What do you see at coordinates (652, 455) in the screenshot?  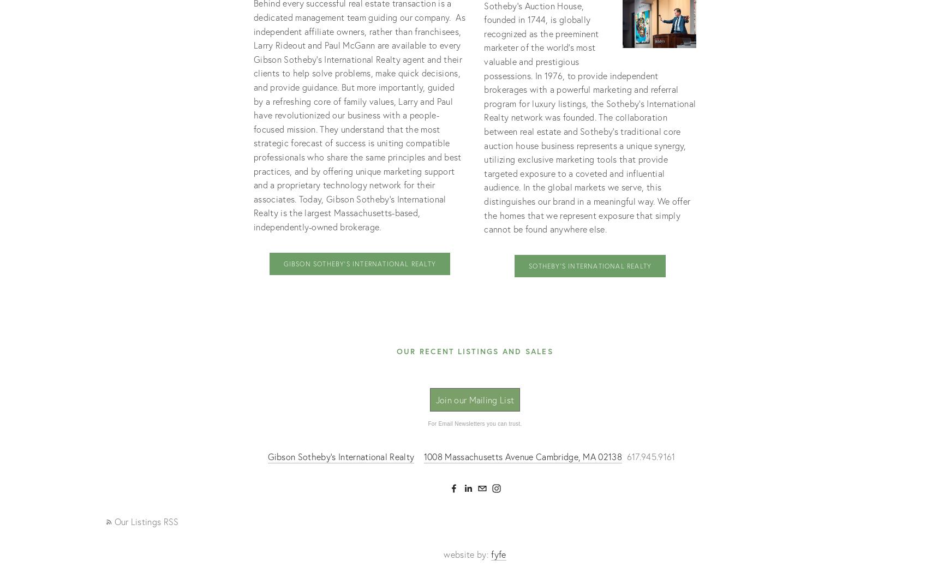 I see `'617.945.9161'` at bounding box center [652, 455].